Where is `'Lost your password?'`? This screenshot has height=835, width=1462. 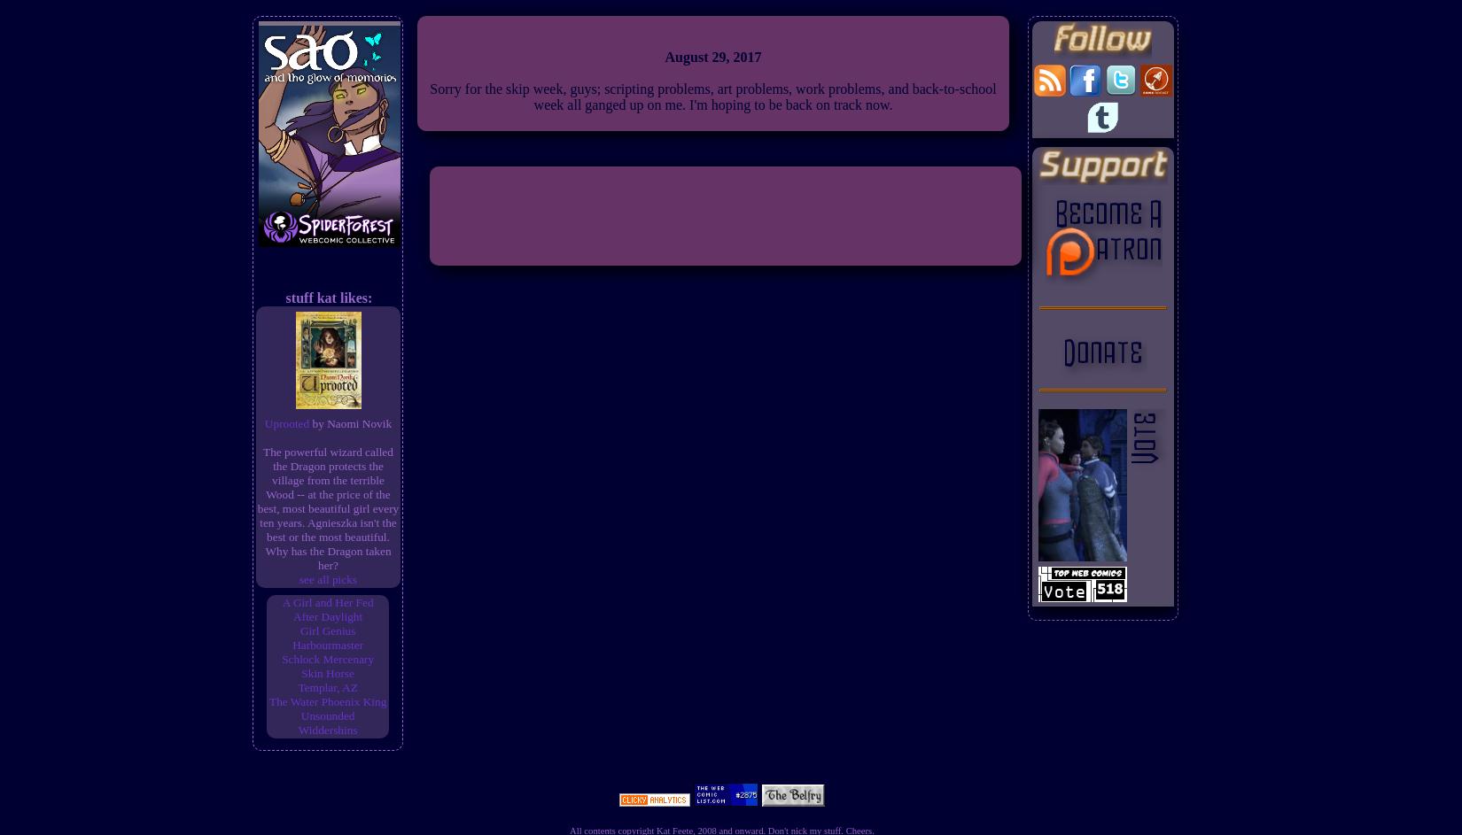
'Lost your password?' is located at coordinates (724, 672).